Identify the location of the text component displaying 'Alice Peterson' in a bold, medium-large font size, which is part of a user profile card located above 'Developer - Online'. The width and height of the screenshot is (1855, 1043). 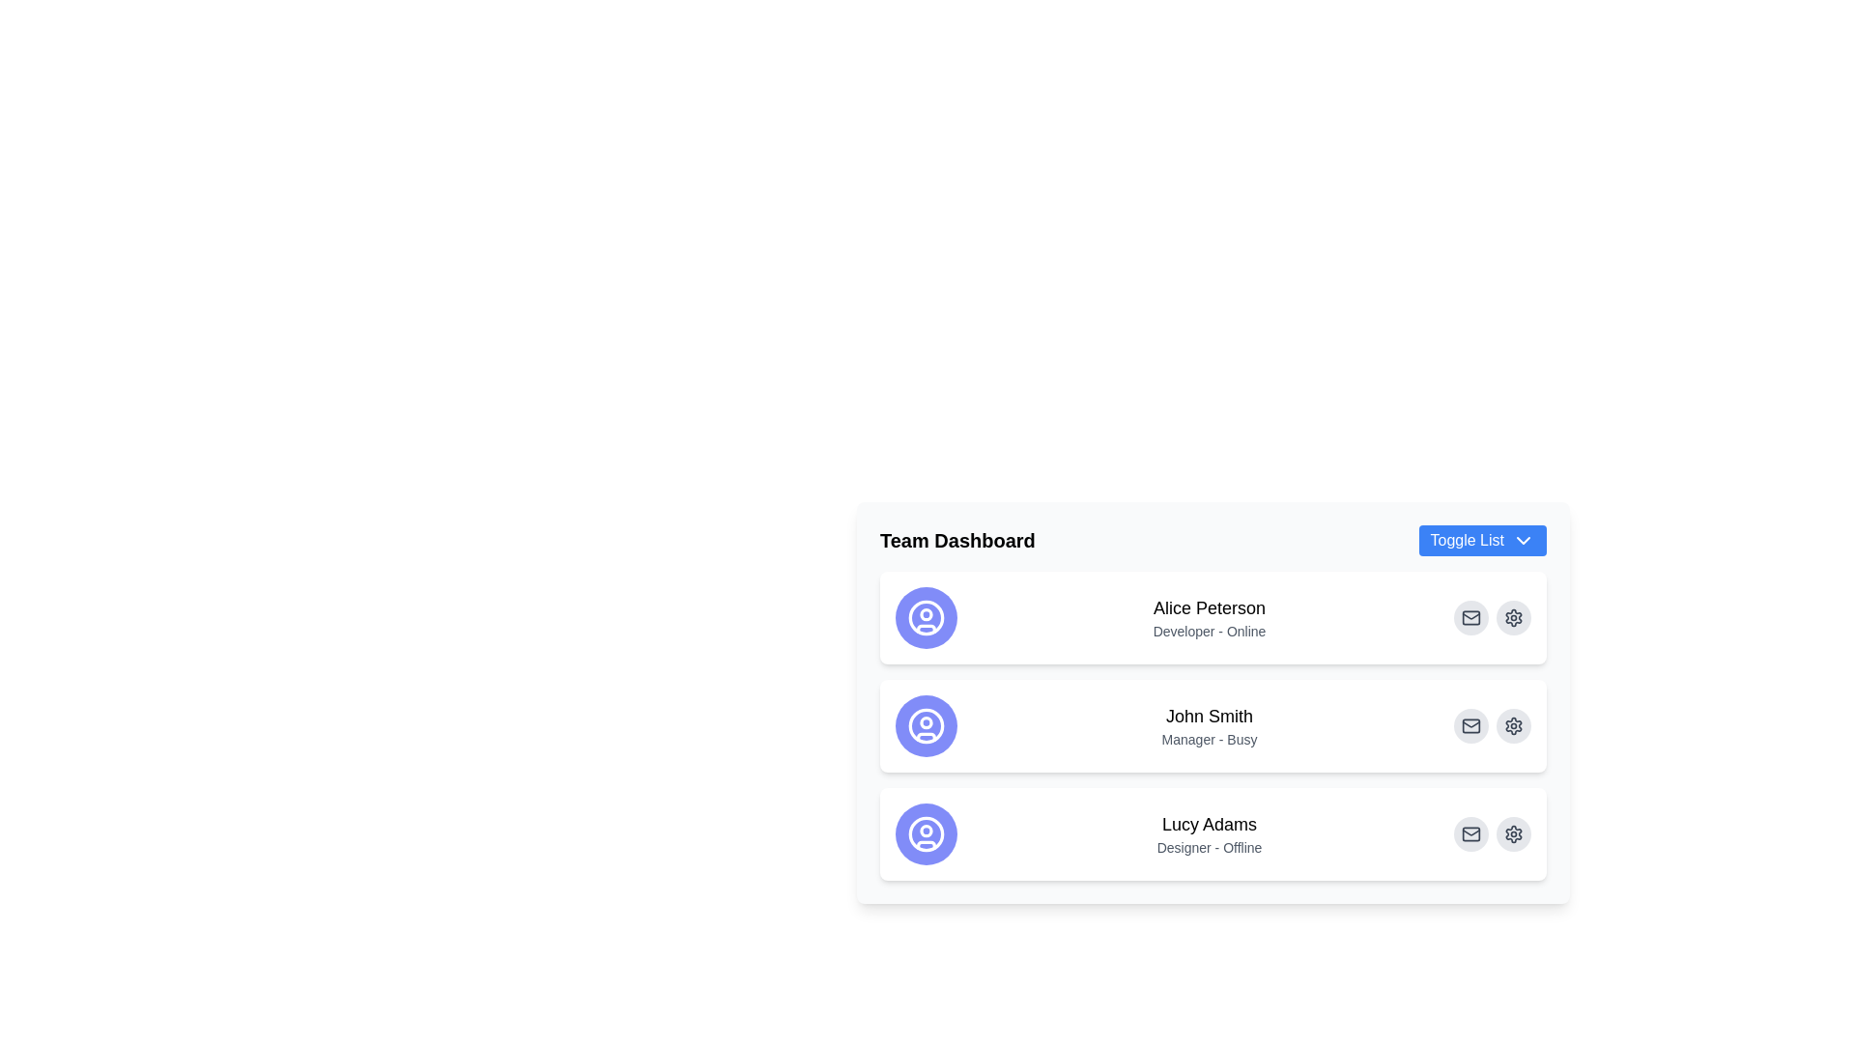
(1209, 606).